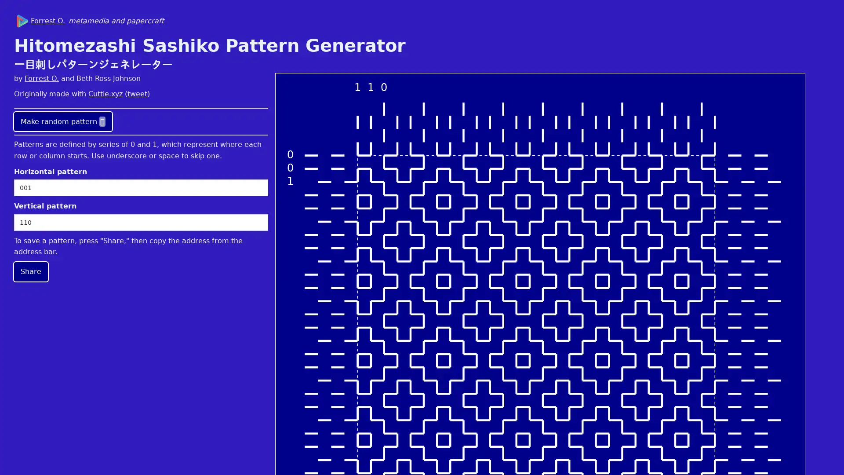 This screenshot has width=844, height=475. Describe the element at coordinates (62, 121) in the screenshot. I see `Make random pattern` at that location.